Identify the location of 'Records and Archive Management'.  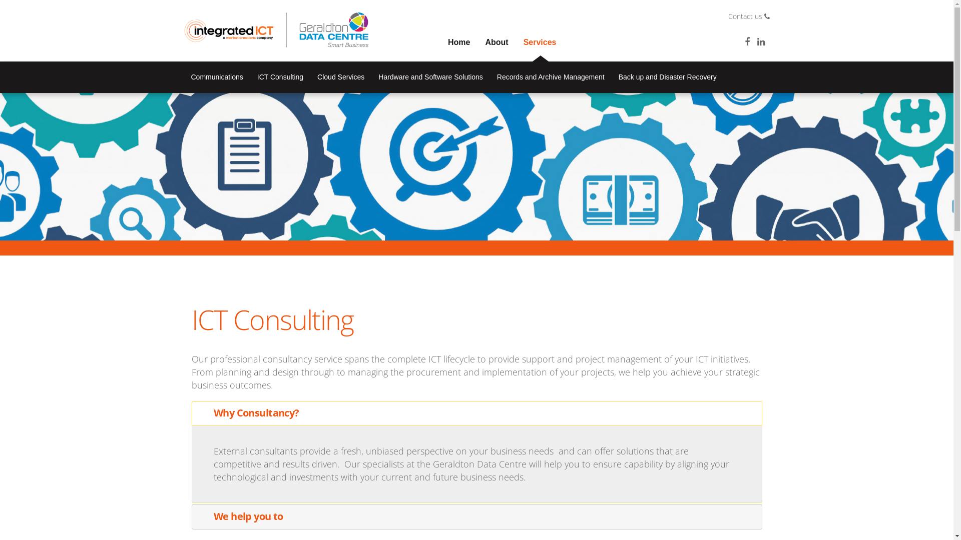
(550, 76).